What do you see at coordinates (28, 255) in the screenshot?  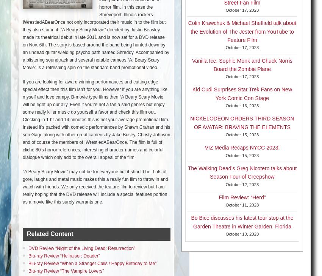 I see `'Blu-ray Review “Hellraiser: Deader”'` at bounding box center [28, 255].